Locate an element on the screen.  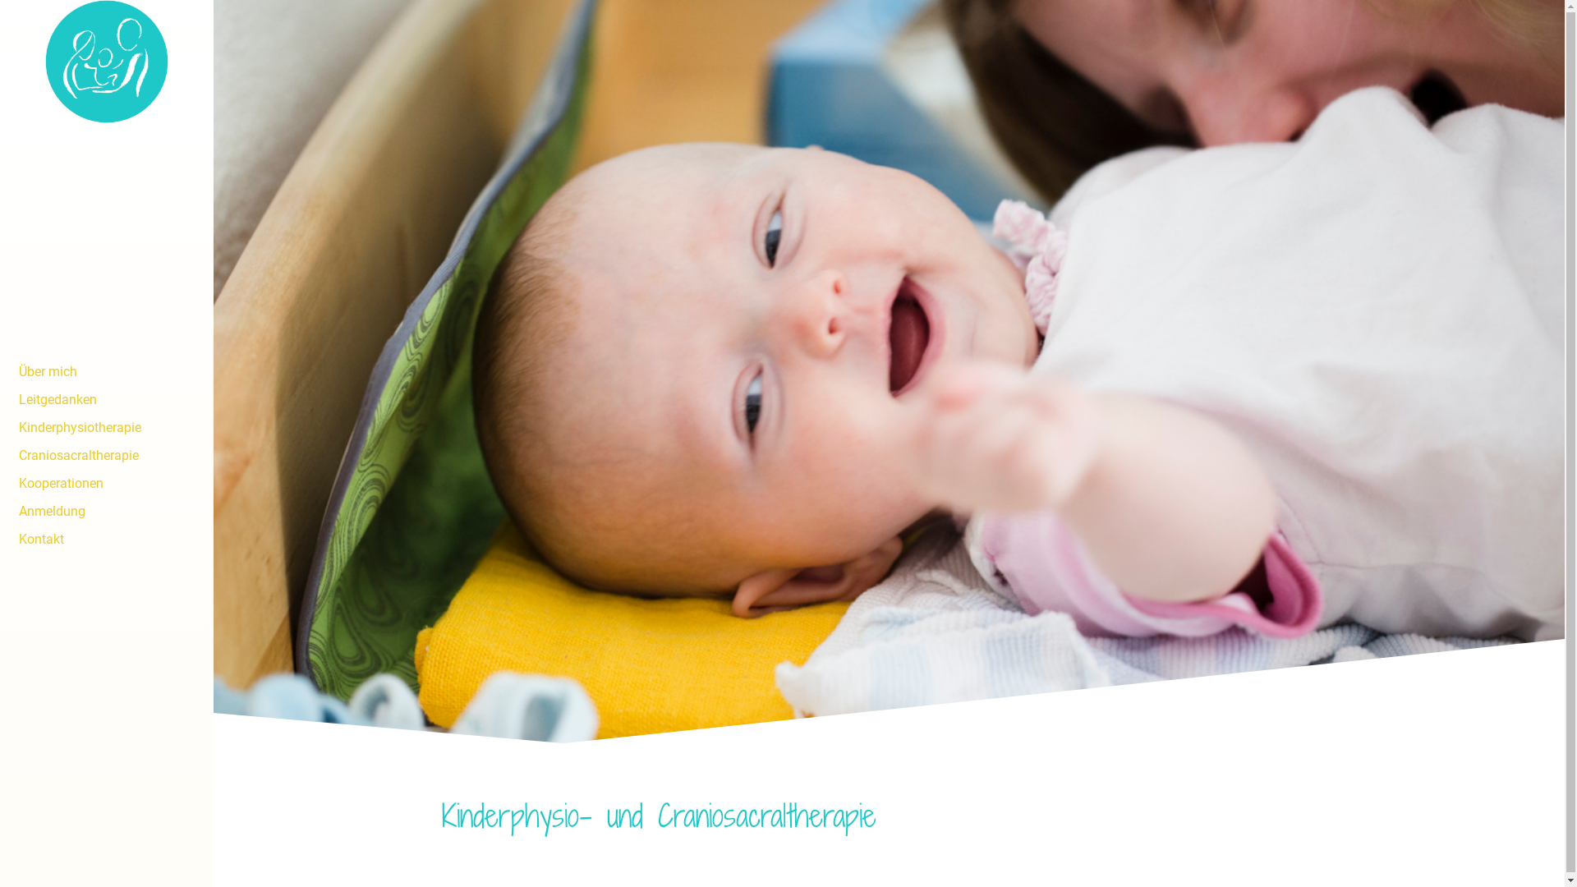
'Kontakt' is located at coordinates (105, 539).